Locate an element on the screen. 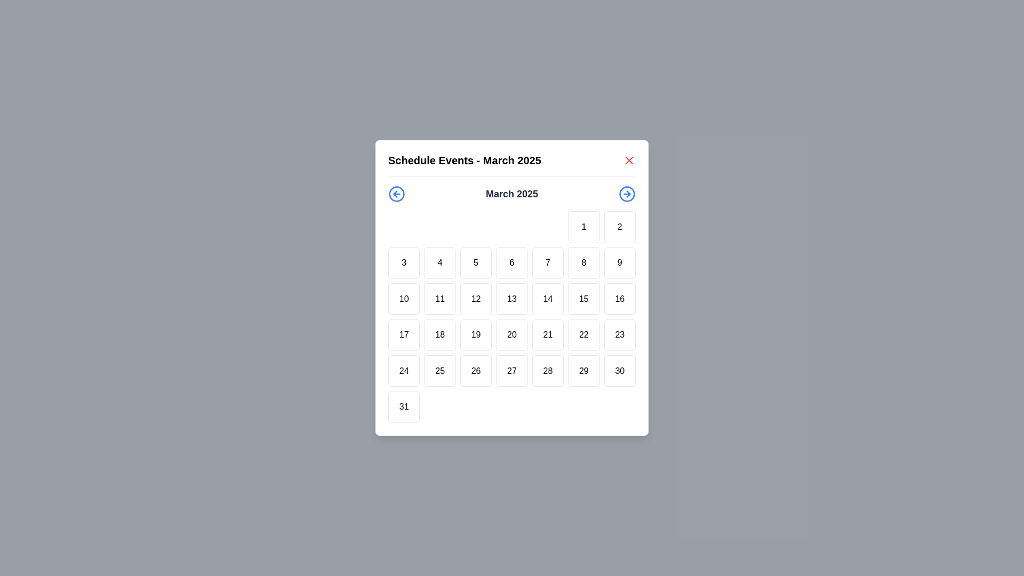  the empty grid cell located in the top row of the calendar grid, which is the leftmost position and visually appears as a small, empty square is located at coordinates (403, 226).